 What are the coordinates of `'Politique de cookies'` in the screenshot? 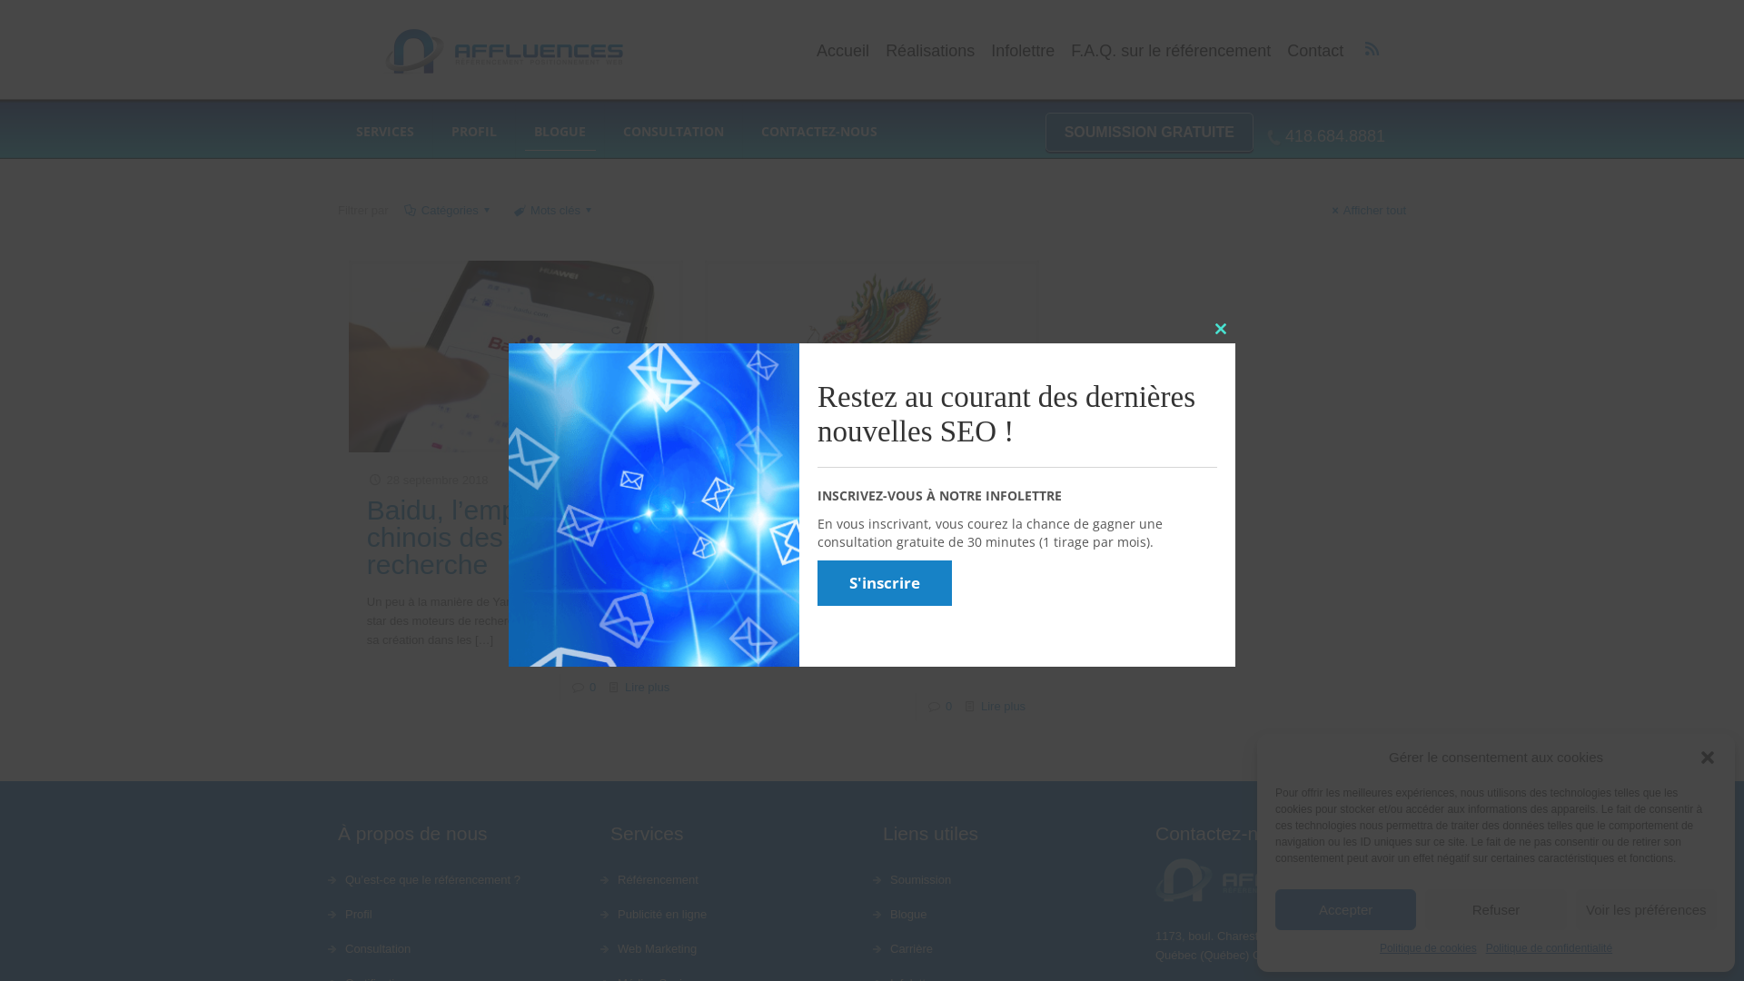 It's located at (1427, 947).